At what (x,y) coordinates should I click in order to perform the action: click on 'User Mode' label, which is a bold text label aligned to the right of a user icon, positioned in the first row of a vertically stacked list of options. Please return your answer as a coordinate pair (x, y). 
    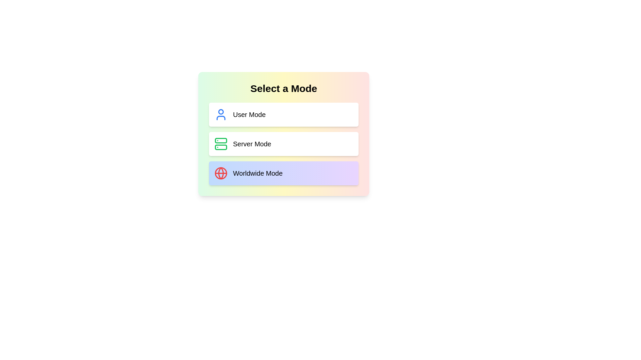
    Looking at the image, I should click on (249, 114).